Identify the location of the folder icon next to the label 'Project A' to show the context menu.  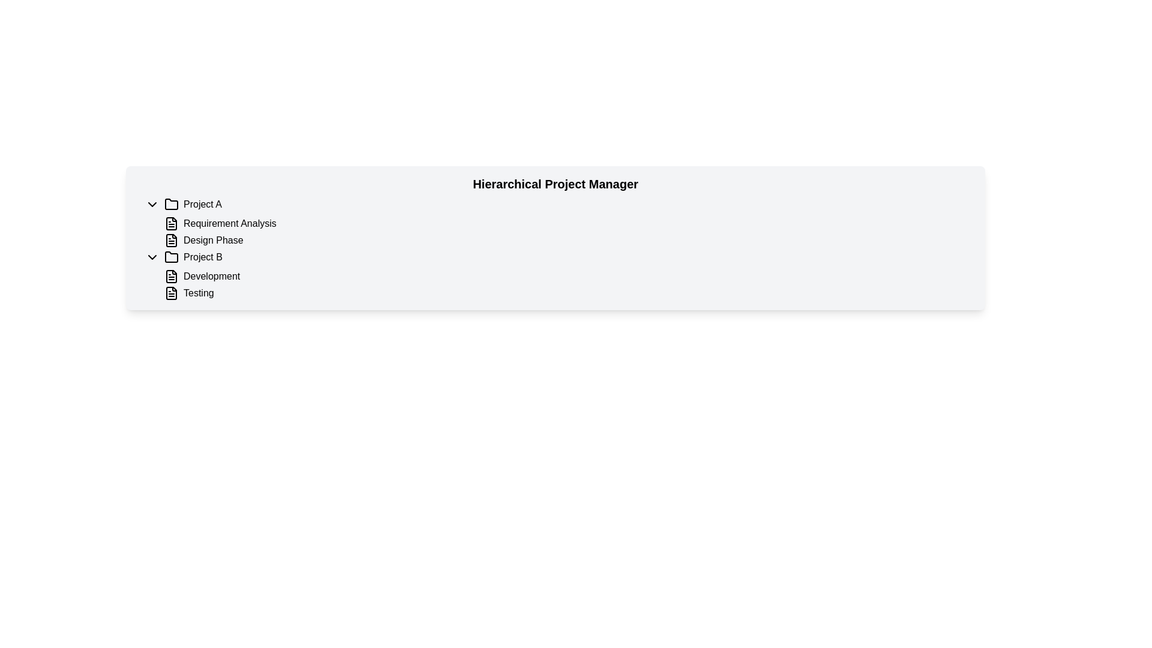
(171, 203).